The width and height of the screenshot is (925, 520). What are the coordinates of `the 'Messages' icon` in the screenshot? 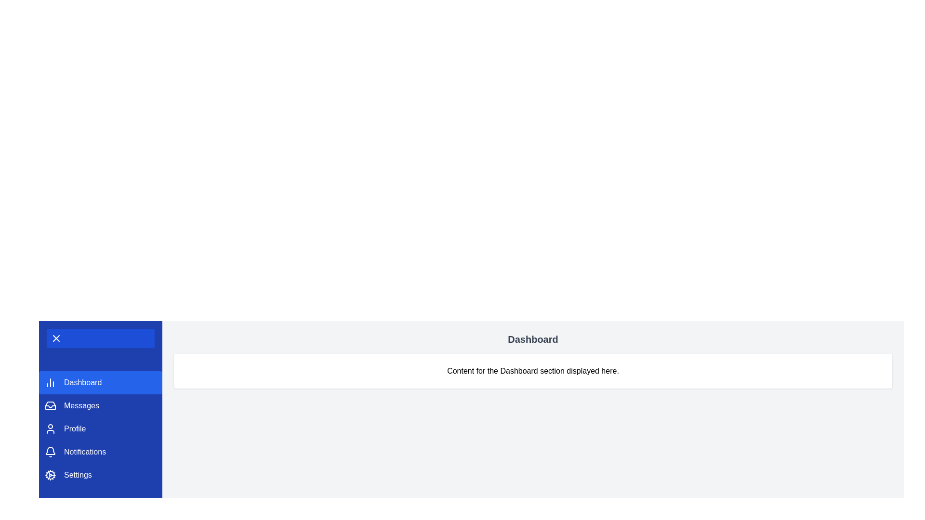 It's located at (50, 406).